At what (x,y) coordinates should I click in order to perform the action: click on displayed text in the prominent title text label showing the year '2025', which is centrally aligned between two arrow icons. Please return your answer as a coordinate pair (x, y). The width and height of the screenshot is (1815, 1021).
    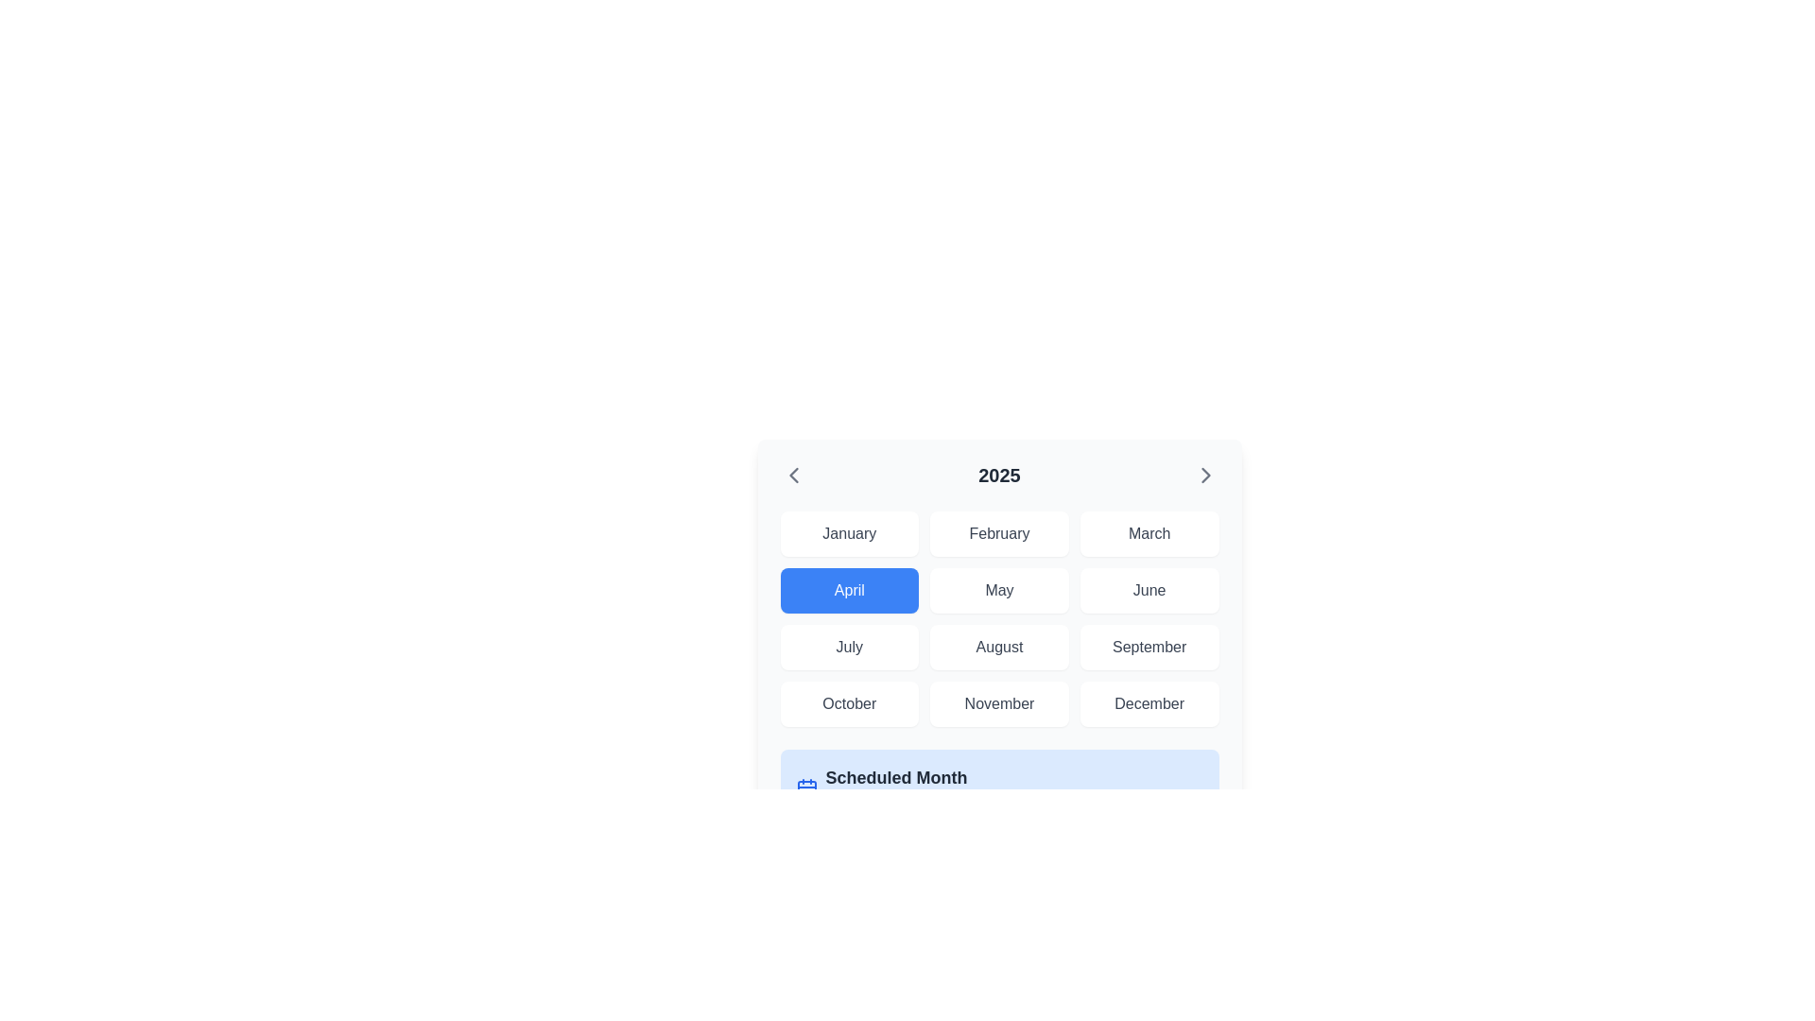
    Looking at the image, I should click on (998, 474).